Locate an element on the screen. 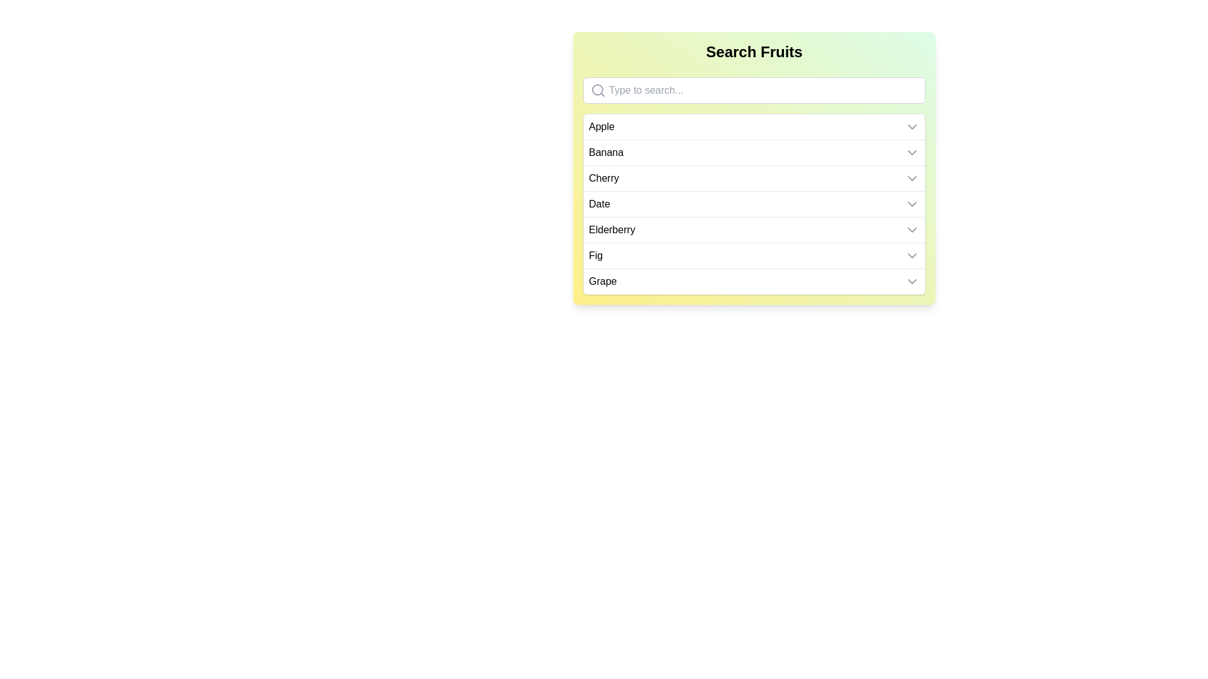 The image size is (1208, 679). the circular graphical component of the search icon located in the top-left corner of the search bar labeled 'Search Fruits' is located at coordinates (597, 89).